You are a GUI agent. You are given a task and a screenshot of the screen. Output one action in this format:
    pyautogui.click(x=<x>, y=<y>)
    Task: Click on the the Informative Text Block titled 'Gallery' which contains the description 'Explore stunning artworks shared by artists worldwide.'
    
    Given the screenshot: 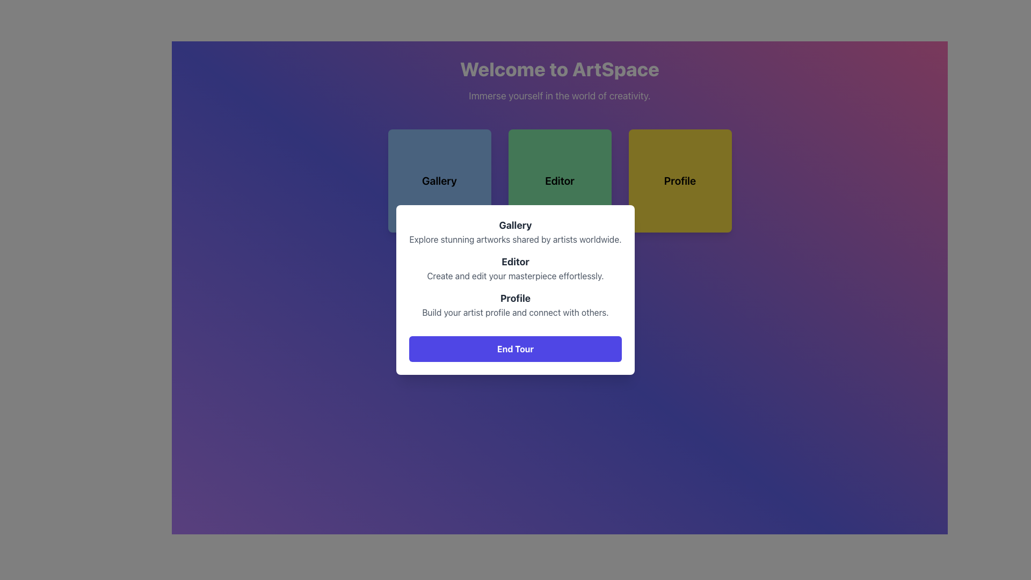 What is the action you would take?
    pyautogui.click(x=515, y=231)
    